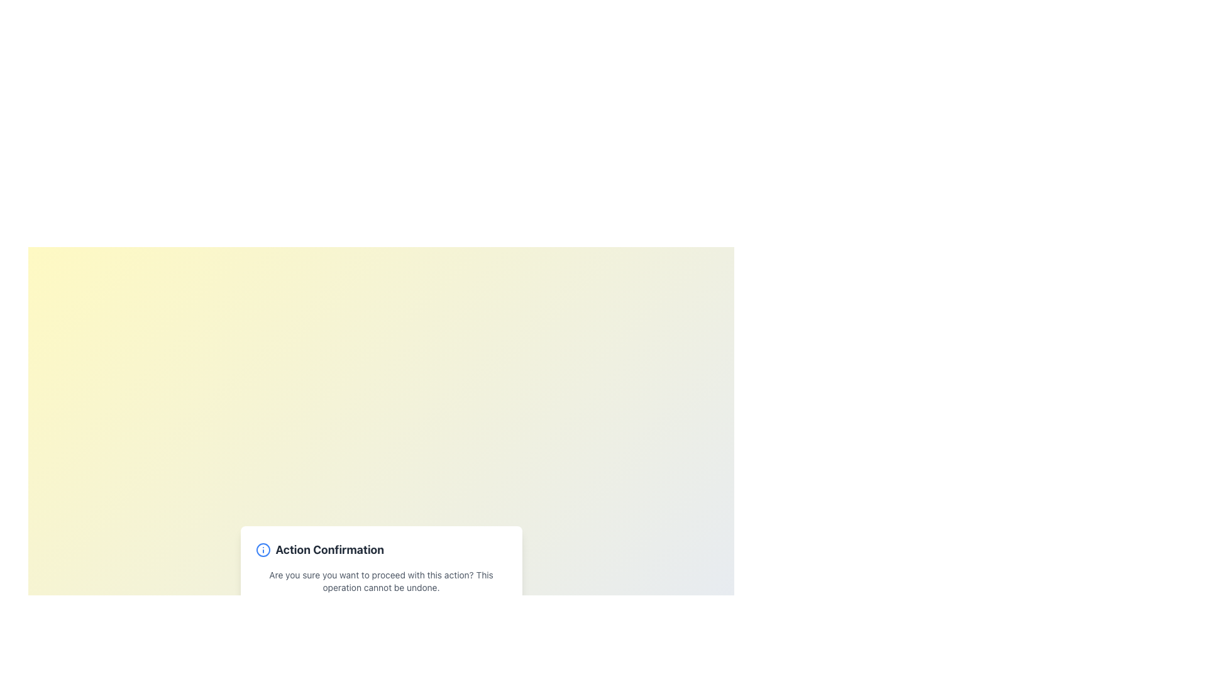  I want to click on the text block containing the message 'Are you sure you want to proceed with this action? This operation cannot be undone.' positioned below the title 'Action Confirmation', so click(380, 582).